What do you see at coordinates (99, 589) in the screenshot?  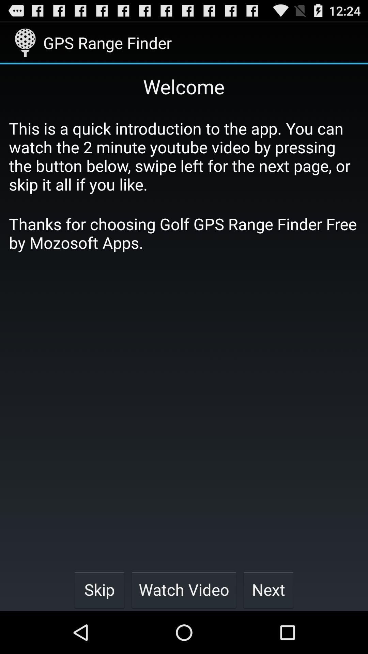 I see `item next to the watch video` at bounding box center [99, 589].